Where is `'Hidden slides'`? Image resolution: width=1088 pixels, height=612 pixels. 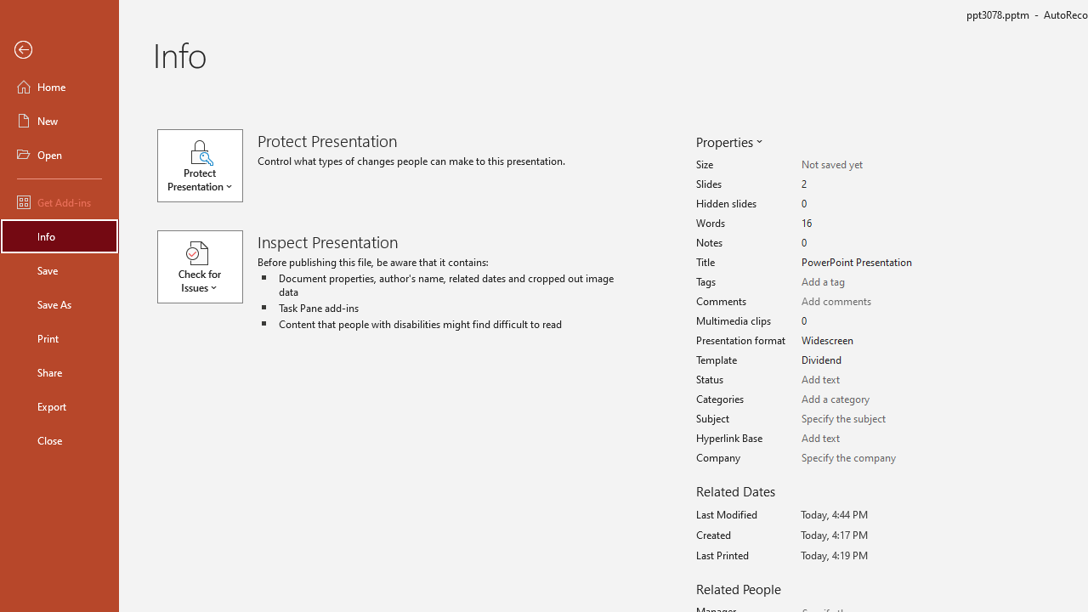
'Hidden slides' is located at coordinates (860, 203).